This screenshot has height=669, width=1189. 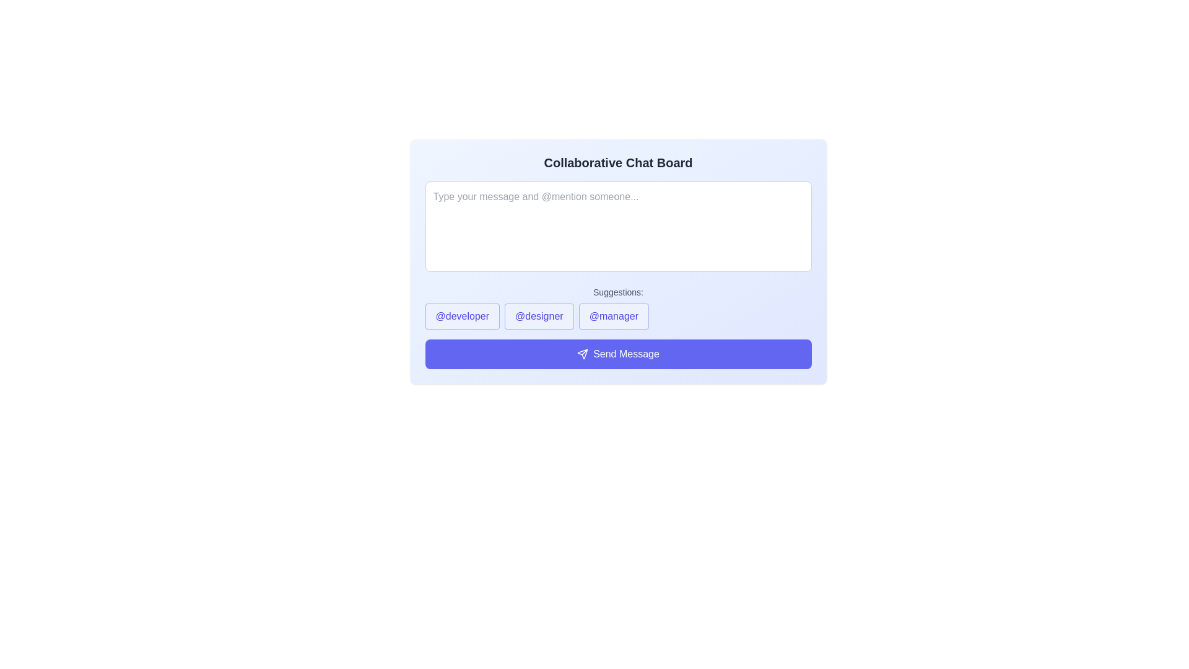 What do you see at coordinates (461, 315) in the screenshot?
I see `the button labeled '@developer' with a light indigo background and darker indigo borders, located below the 'Suggestions:' label` at bounding box center [461, 315].